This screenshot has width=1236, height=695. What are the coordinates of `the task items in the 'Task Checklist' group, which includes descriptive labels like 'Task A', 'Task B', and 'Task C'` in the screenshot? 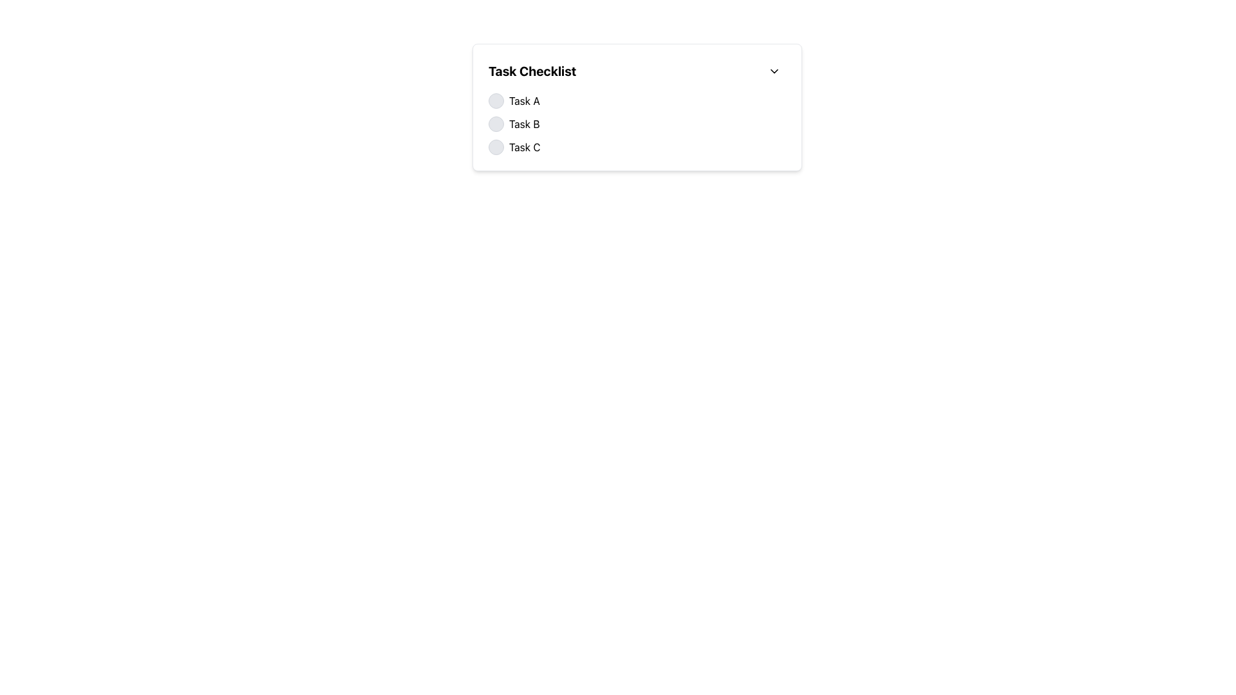 It's located at (637, 124).